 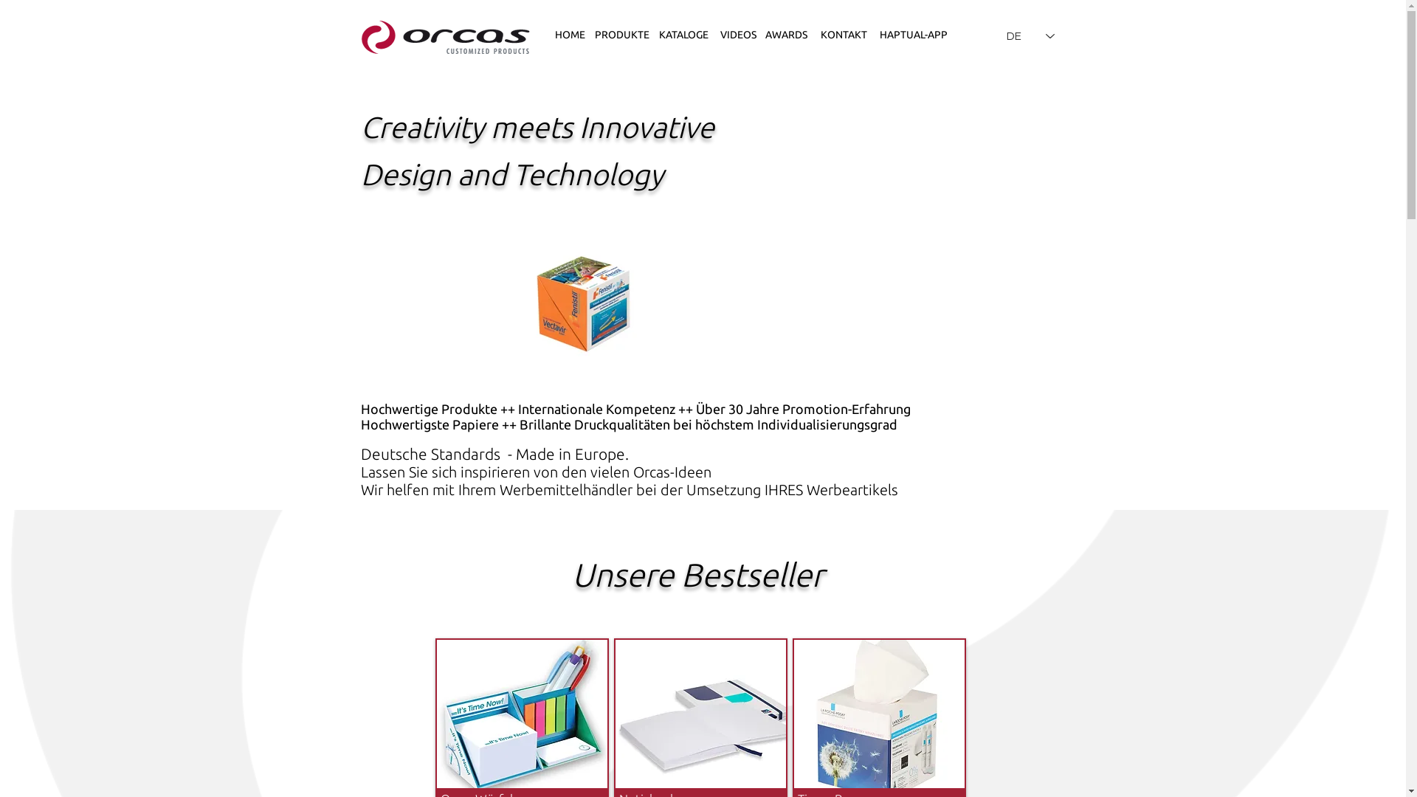 What do you see at coordinates (813, 34) in the screenshot?
I see `'KONTAKT'` at bounding box center [813, 34].